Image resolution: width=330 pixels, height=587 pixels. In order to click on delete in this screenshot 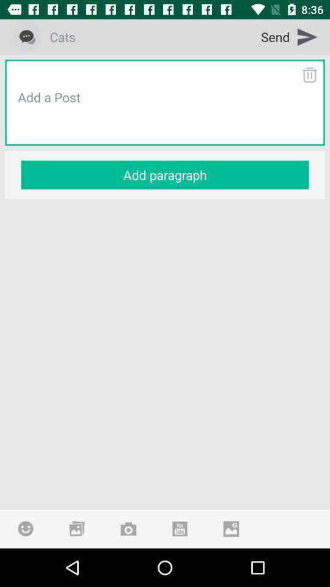, I will do `click(309, 74)`.